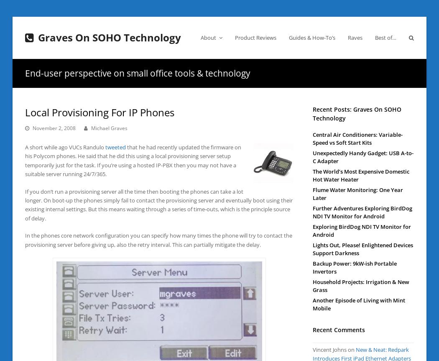  I want to click on 'Vincent Johns', so click(312, 349).